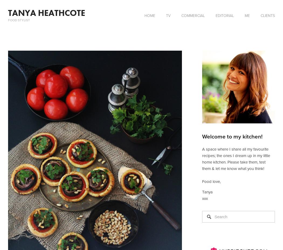 The width and height of the screenshot is (283, 250). What do you see at coordinates (268, 15) in the screenshot?
I see `'CLIENTS'` at bounding box center [268, 15].